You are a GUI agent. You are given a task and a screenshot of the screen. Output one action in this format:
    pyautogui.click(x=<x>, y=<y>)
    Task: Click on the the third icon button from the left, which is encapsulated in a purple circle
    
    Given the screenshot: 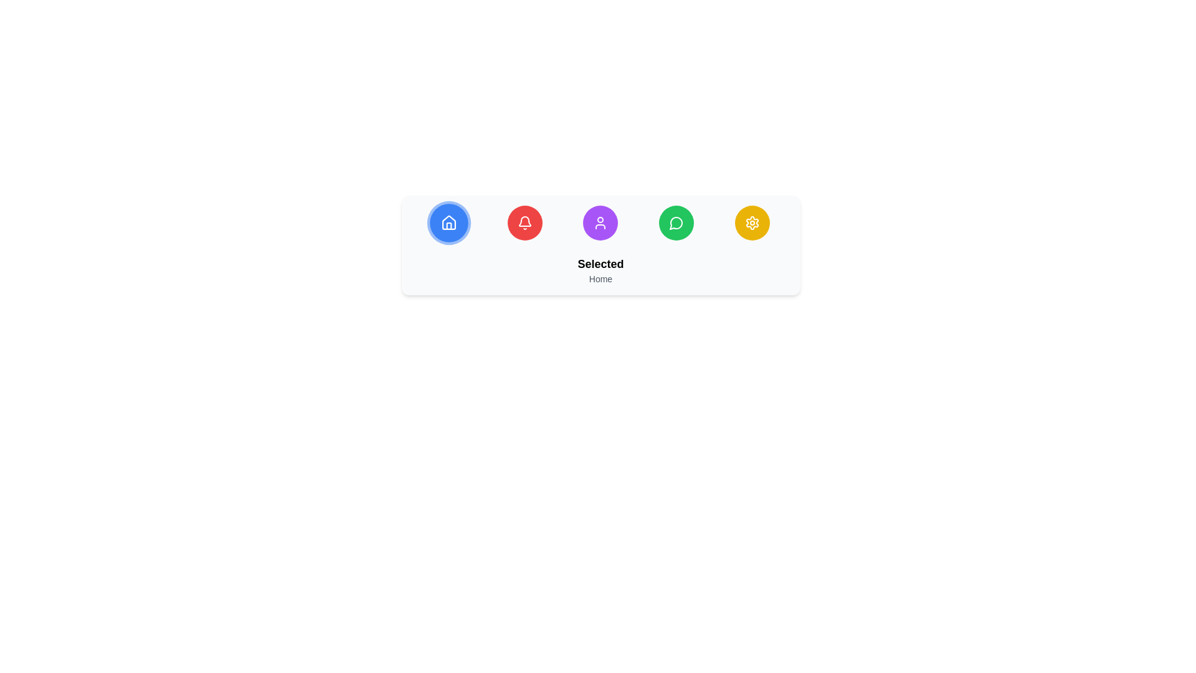 What is the action you would take?
    pyautogui.click(x=600, y=222)
    